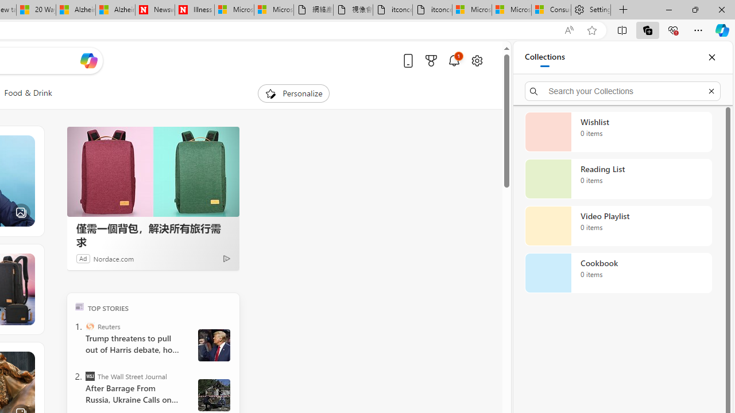  I want to click on 'Consumer Health Data Privacy Policy', so click(551, 10).